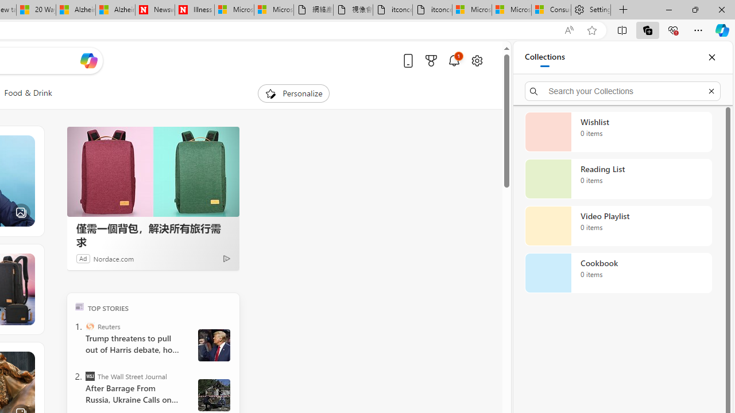  I want to click on 'Consumer Health Data Privacy Policy', so click(551, 10).